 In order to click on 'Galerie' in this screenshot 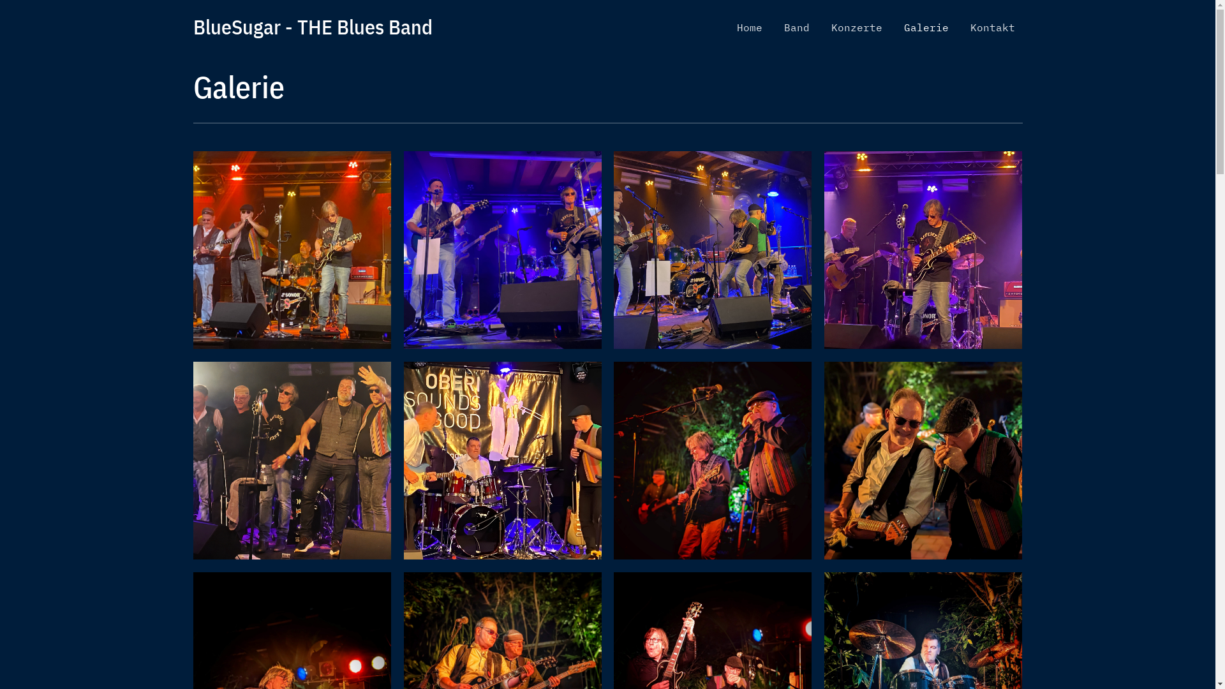, I will do `click(925, 27)`.